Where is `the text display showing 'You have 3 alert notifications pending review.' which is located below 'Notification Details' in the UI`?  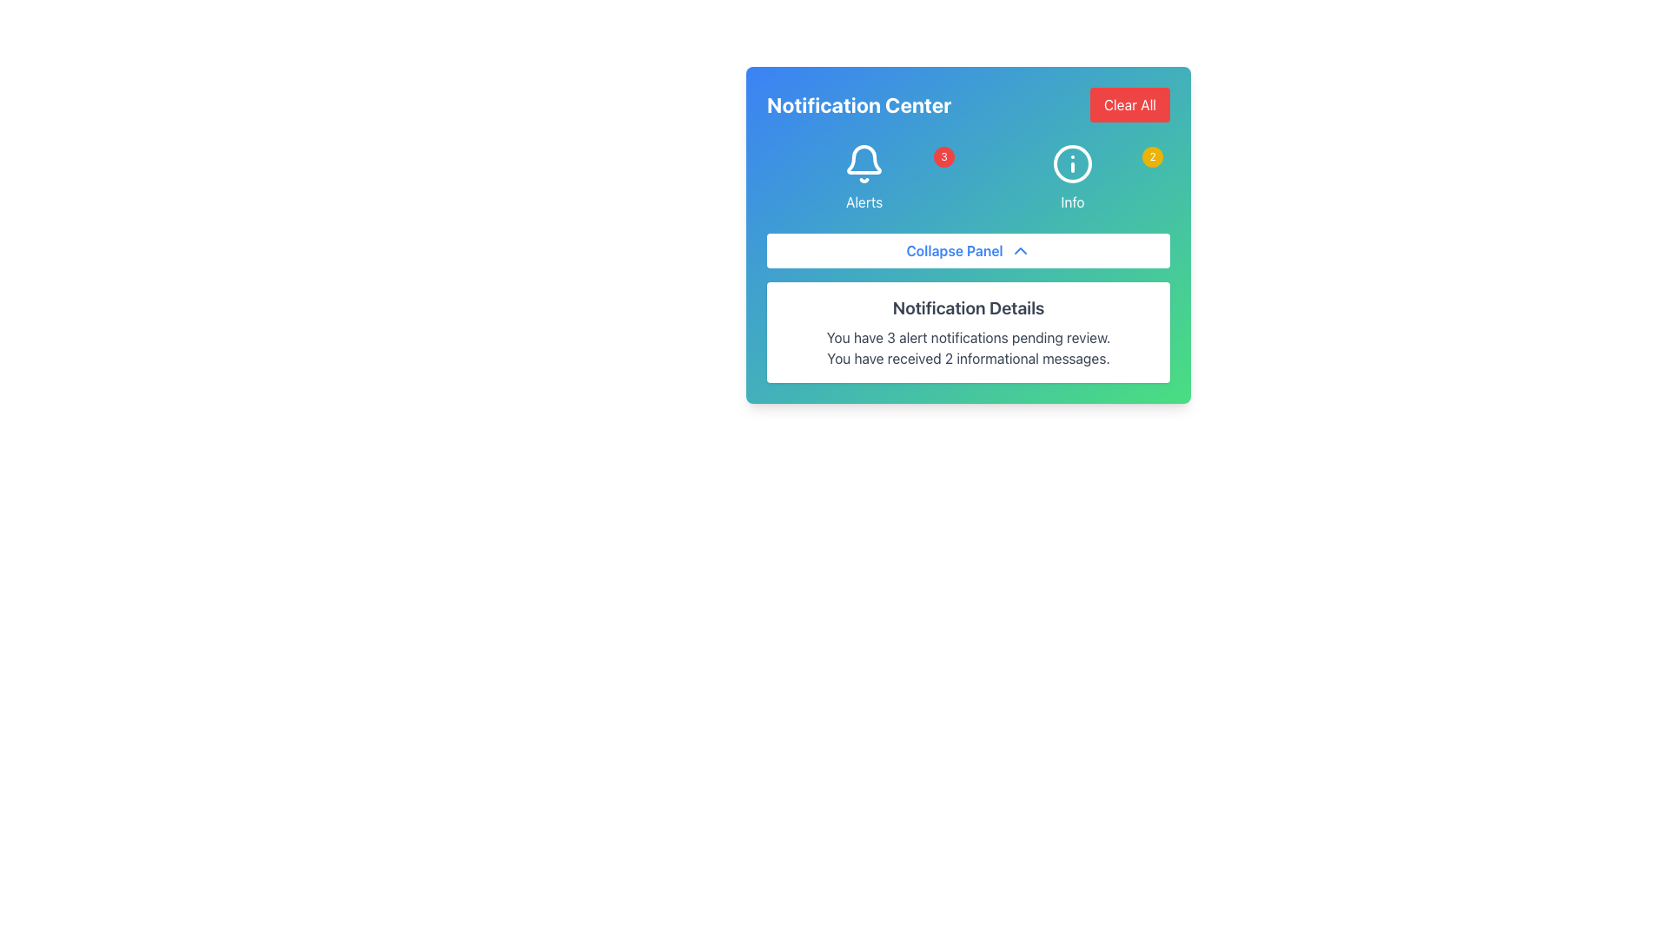 the text display showing 'You have 3 alert notifications pending review.' which is located below 'Notification Details' in the UI is located at coordinates (967, 338).